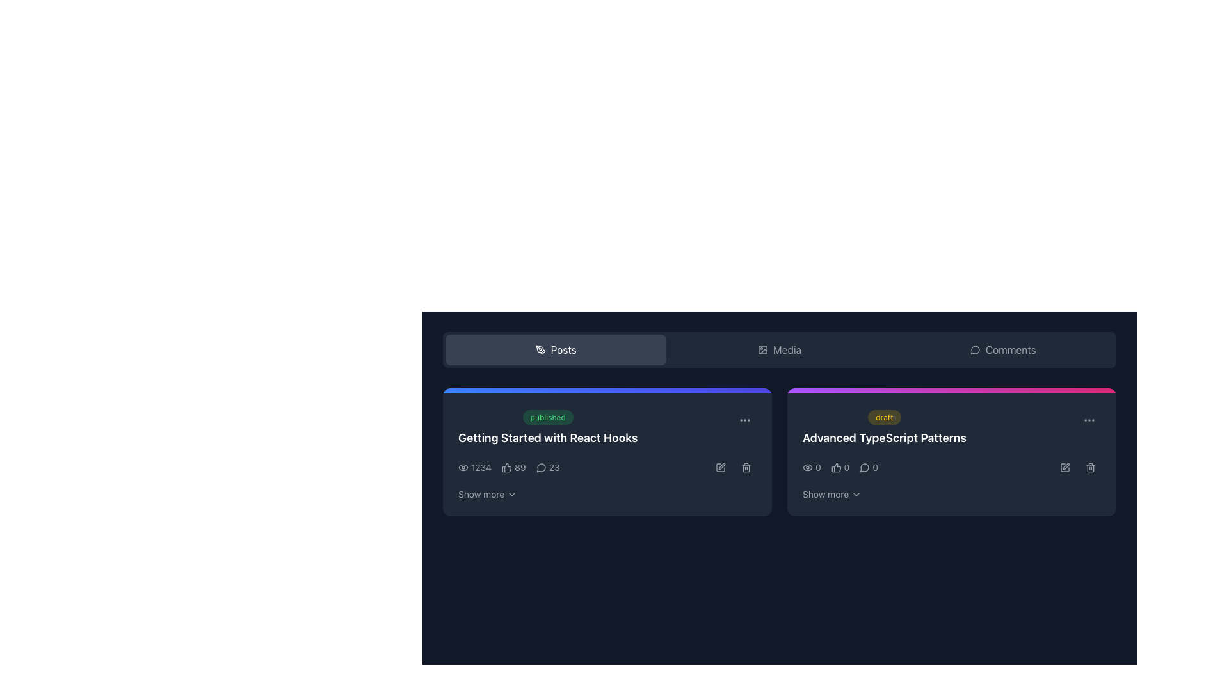  Describe the element at coordinates (607, 427) in the screenshot. I see `the label with a green background and the heading 'Getting Started with React Hooks'` at that location.